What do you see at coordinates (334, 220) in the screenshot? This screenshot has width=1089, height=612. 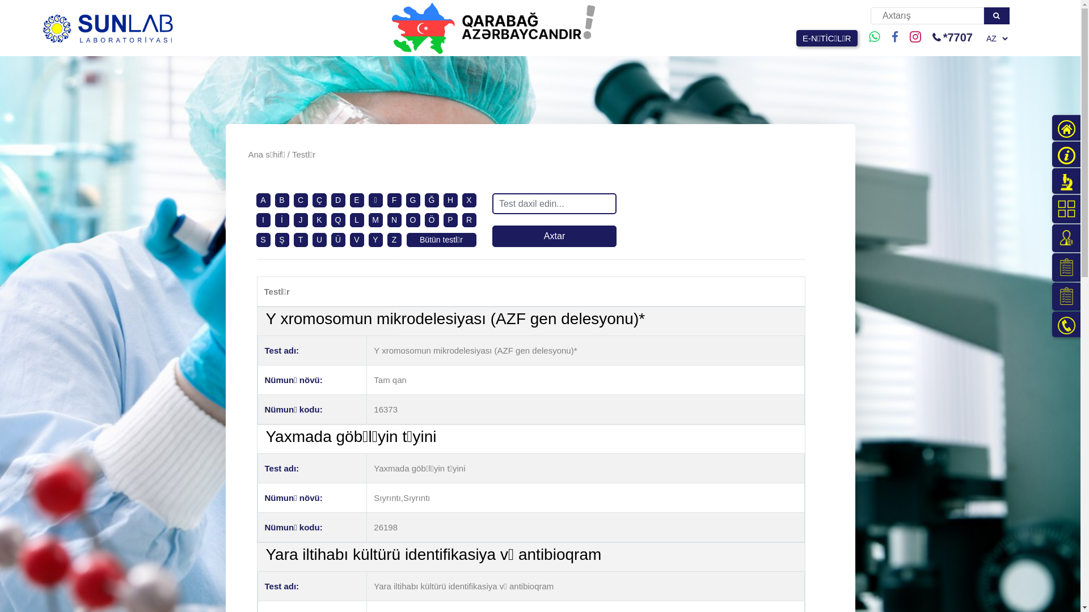 I see `'Q'` at bounding box center [334, 220].